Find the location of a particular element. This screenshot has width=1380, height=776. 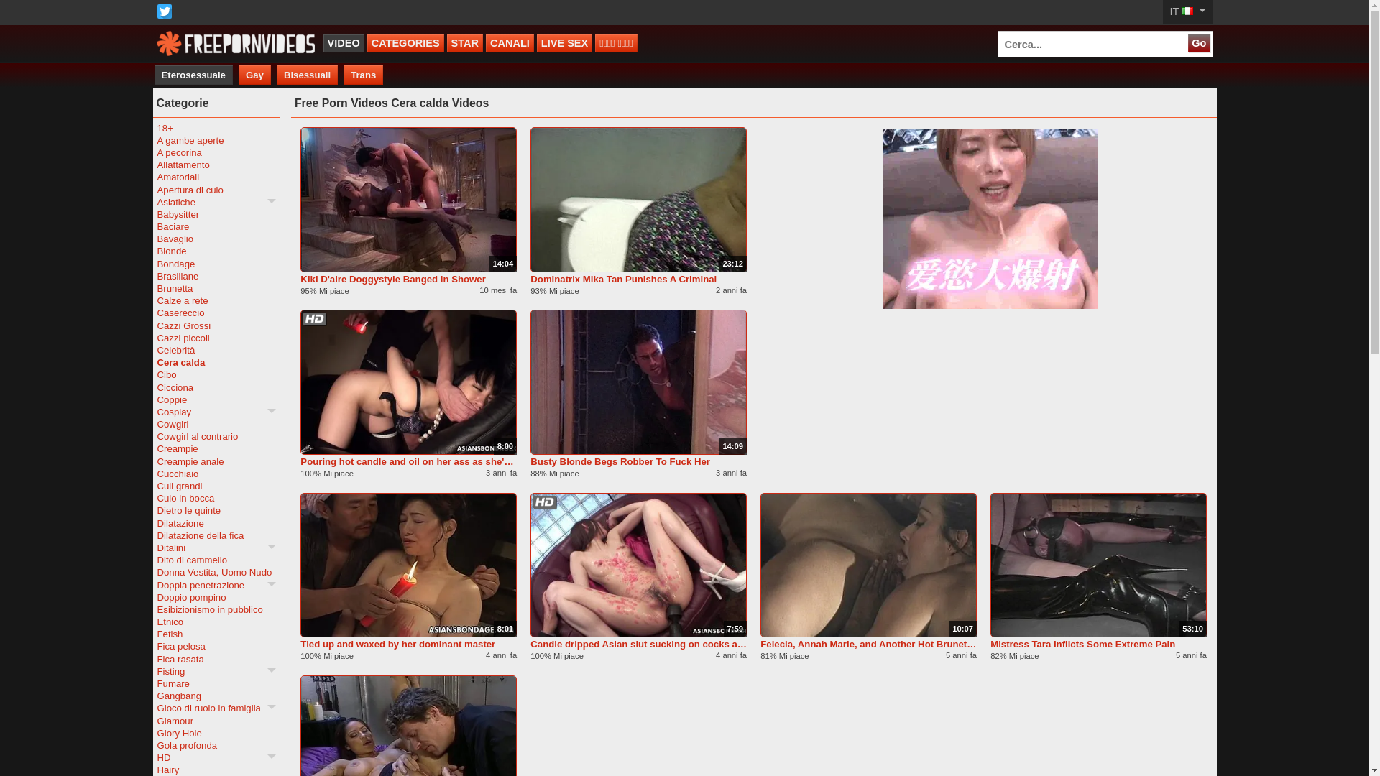

'Casereccio' is located at coordinates (216, 312).